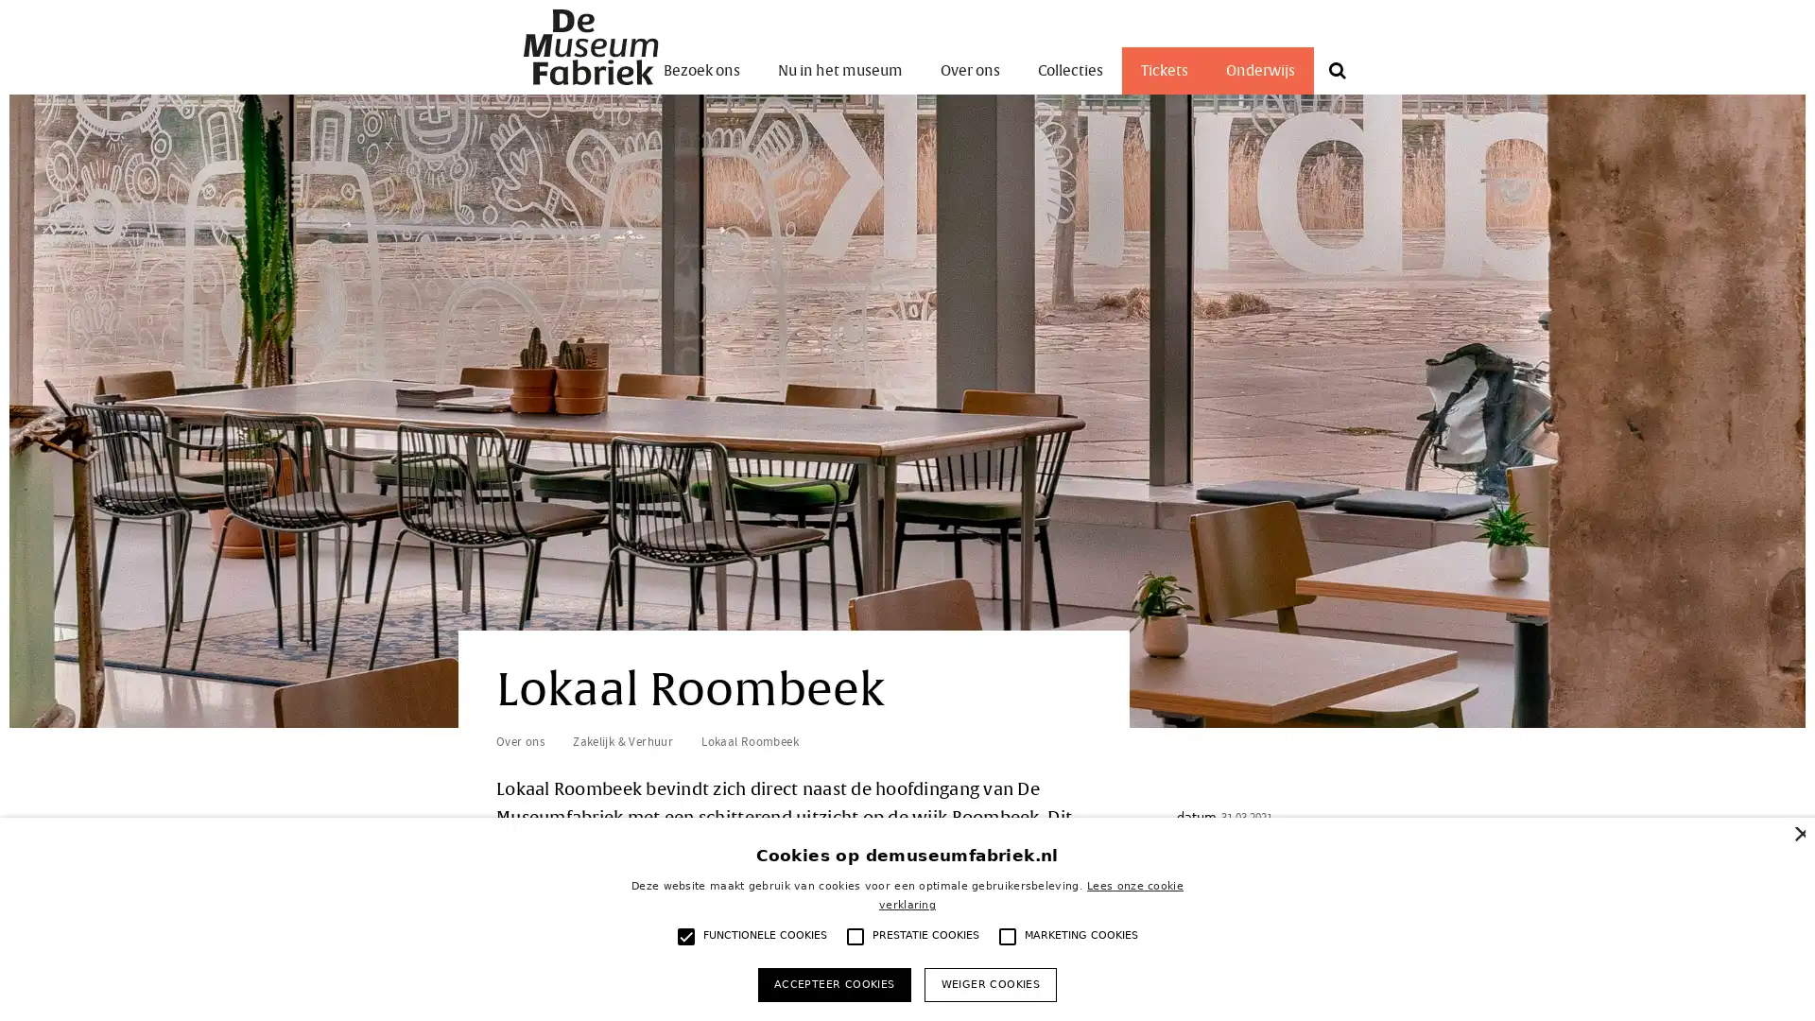 The height and width of the screenshot is (1021, 1815). Describe the element at coordinates (989, 983) in the screenshot. I see `WEIGER COOKIES` at that location.